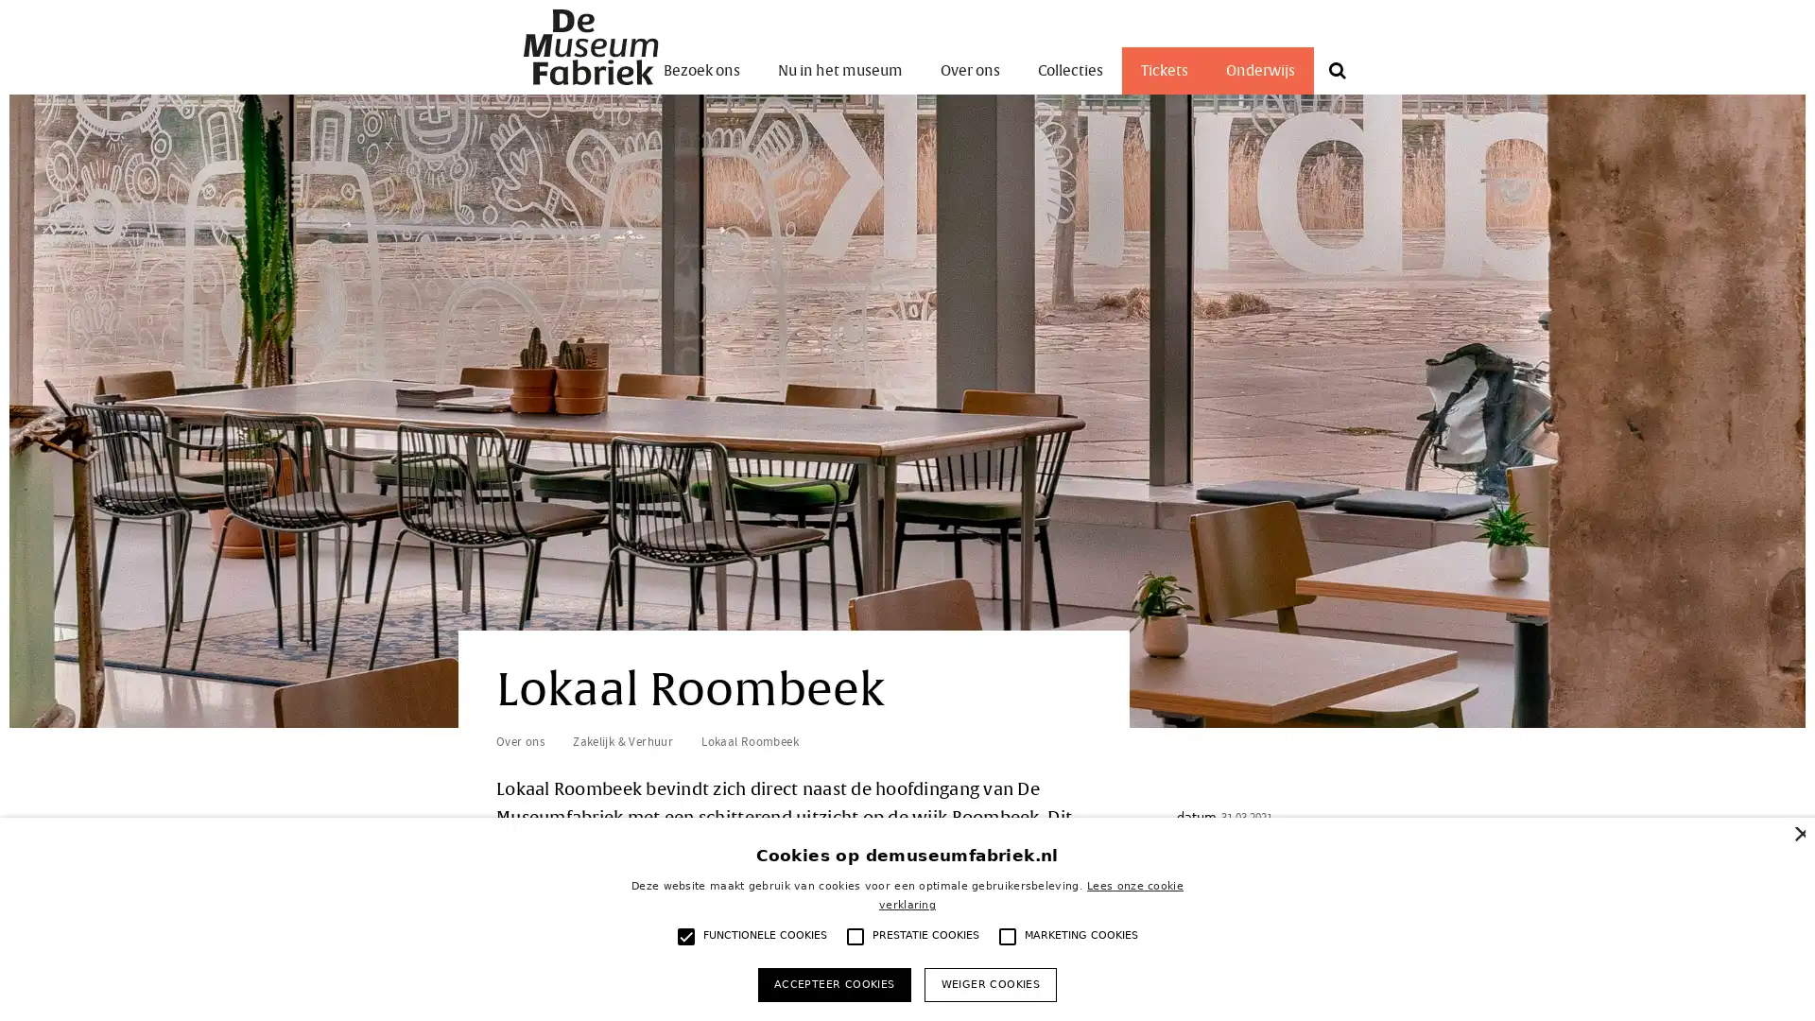 The height and width of the screenshot is (1021, 1815). Describe the element at coordinates (989, 983) in the screenshot. I see `WEIGER COOKIES` at that location.